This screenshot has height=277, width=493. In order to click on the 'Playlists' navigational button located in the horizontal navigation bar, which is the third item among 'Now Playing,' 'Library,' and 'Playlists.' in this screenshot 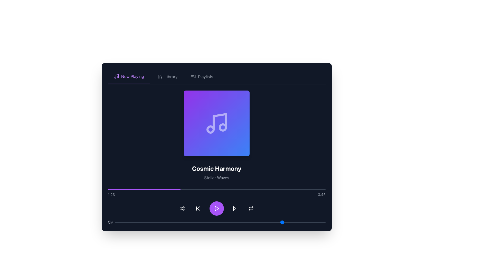, I will do `click(202, 77)`.